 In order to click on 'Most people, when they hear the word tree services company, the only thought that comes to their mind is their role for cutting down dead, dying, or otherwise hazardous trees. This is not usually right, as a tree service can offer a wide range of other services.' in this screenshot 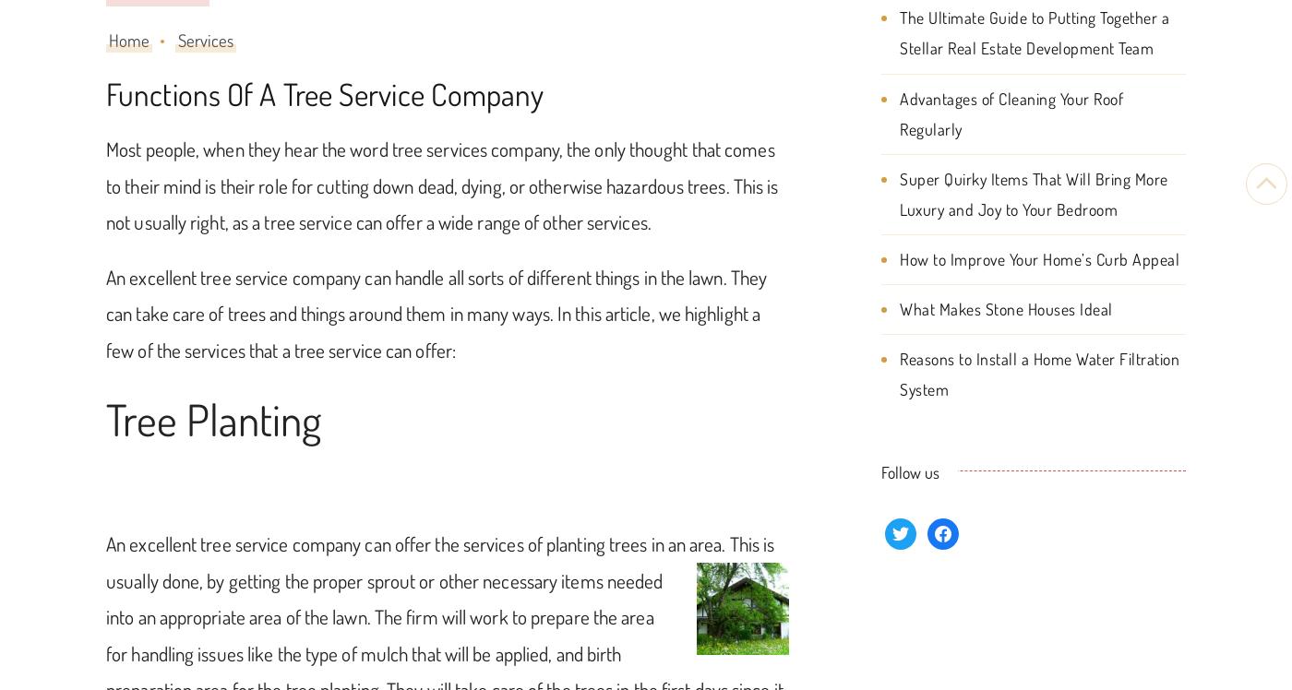, I will do `click(105, 184)`.